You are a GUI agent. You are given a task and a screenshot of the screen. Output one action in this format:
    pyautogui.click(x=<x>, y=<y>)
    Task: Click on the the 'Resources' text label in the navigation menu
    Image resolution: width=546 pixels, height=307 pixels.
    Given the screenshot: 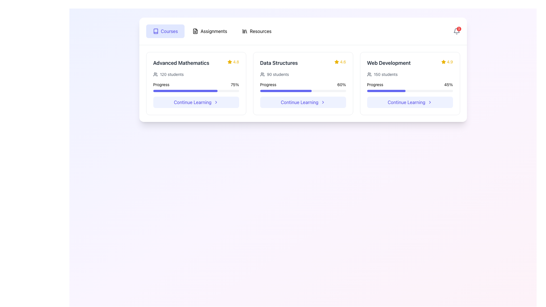 What is the action you would take?
    pyautogui.click(x=260, y=31)
    